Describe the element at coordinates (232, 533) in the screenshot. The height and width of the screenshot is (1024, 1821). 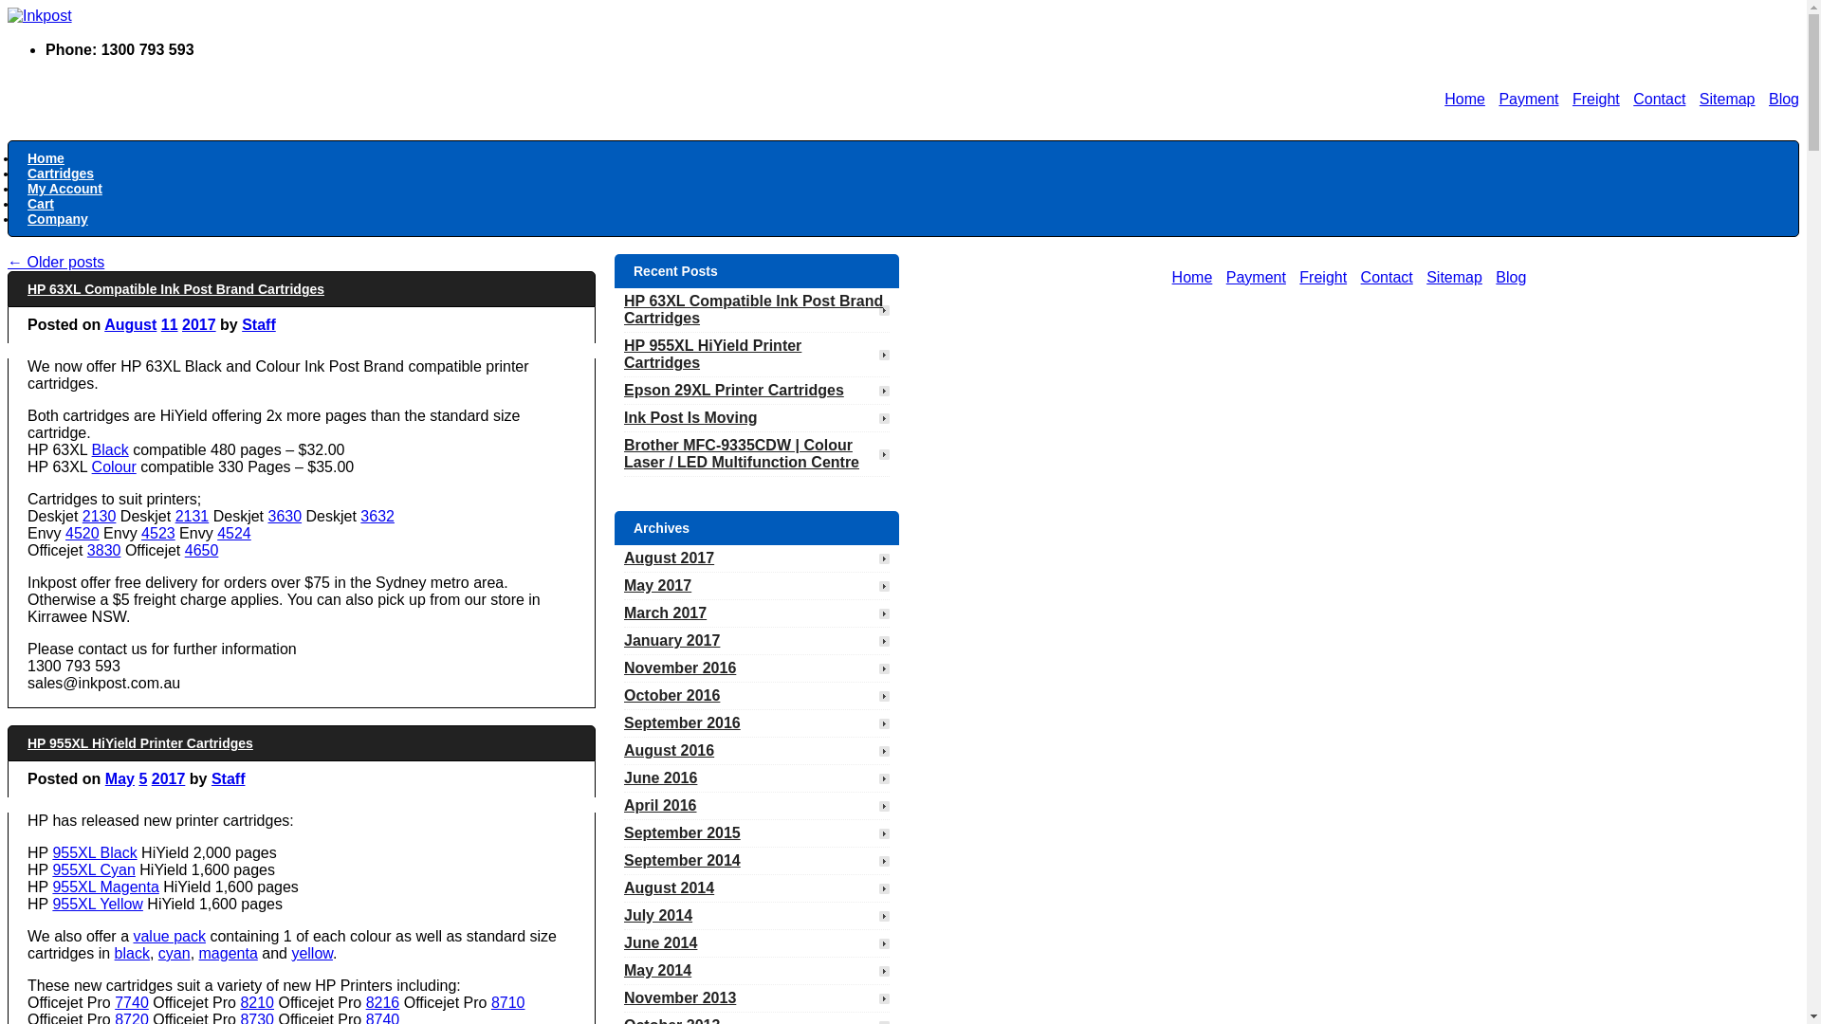
I see `'4524'` at that location.